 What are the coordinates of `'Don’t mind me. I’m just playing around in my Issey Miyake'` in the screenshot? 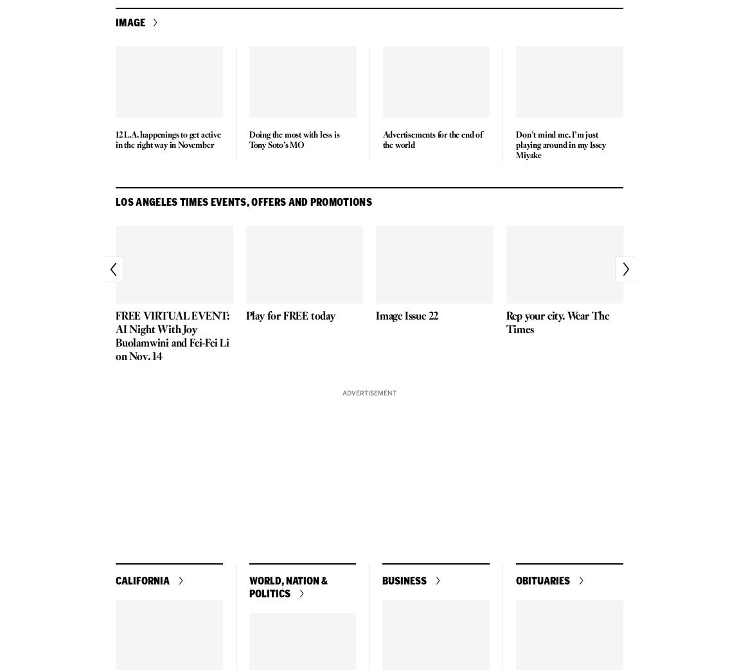 It's located at (560, 144).